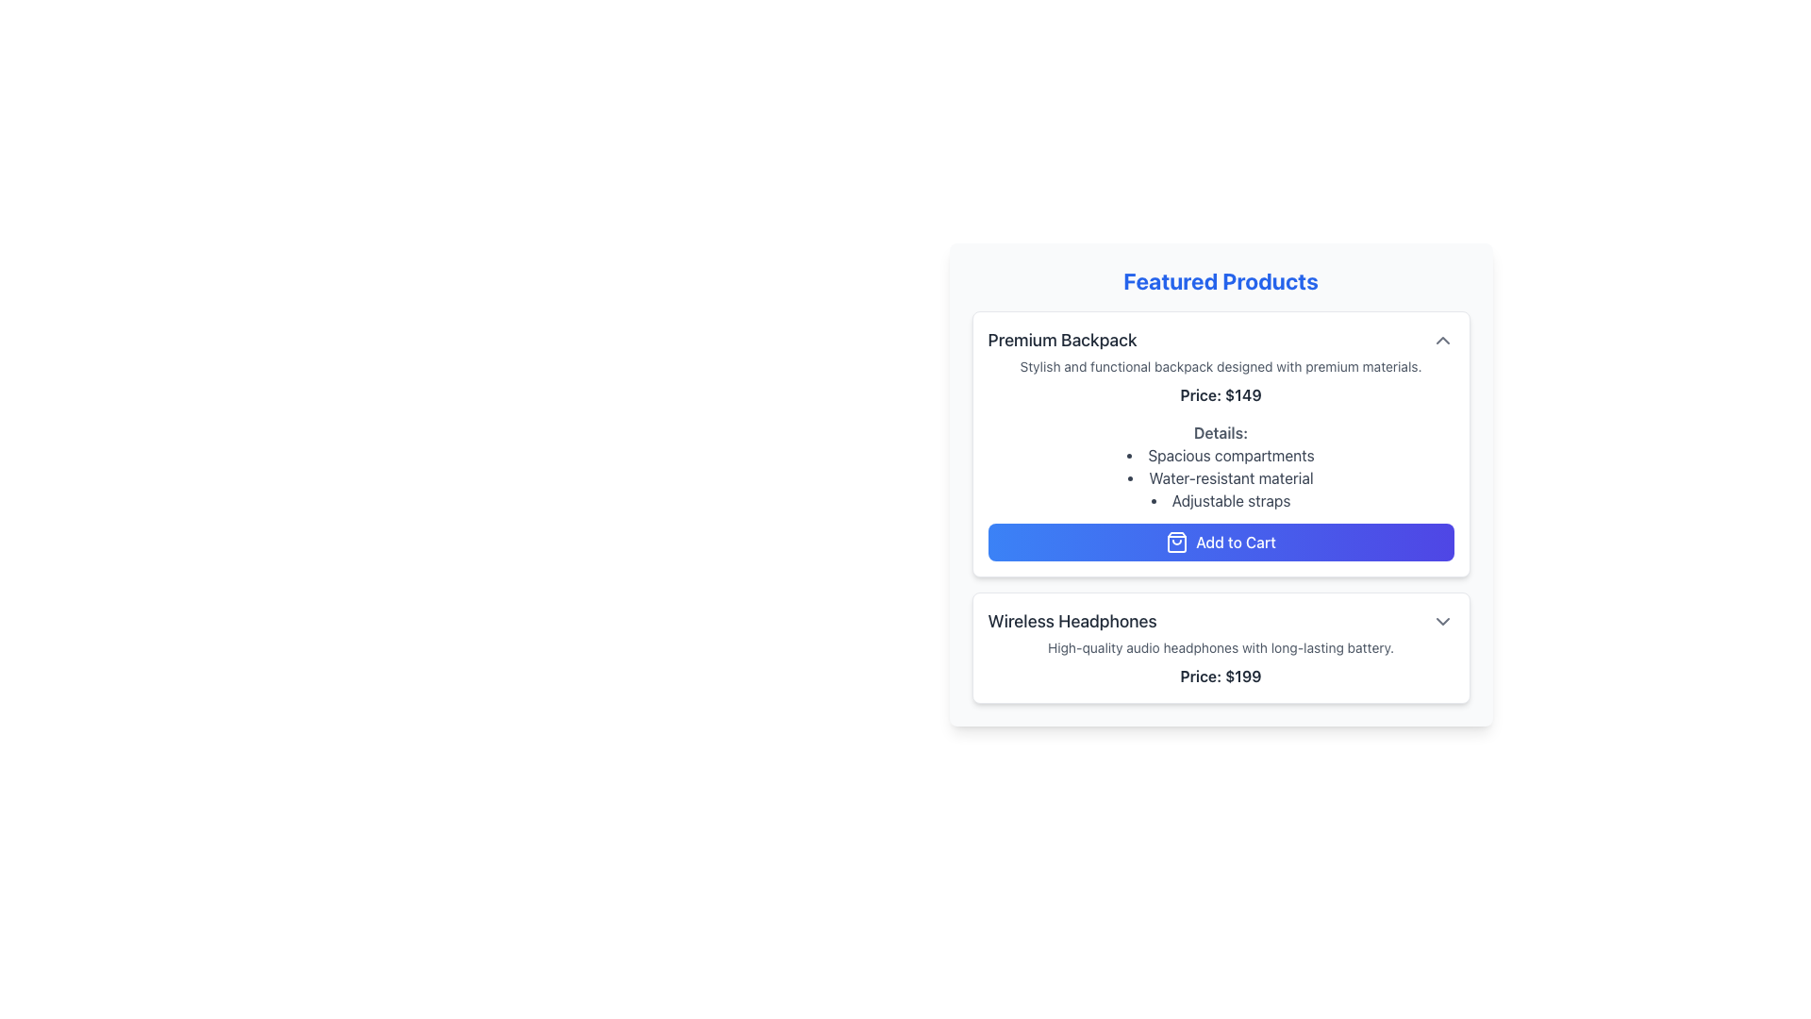 Image resolution: width=1811 pixels, height=1019 pixels. What do you see at coordinates (1176, 542) in the screenshot?
I see `the icon located within the interactive button labeled 'Add to Cart'` at bounding box center [1176, 542].